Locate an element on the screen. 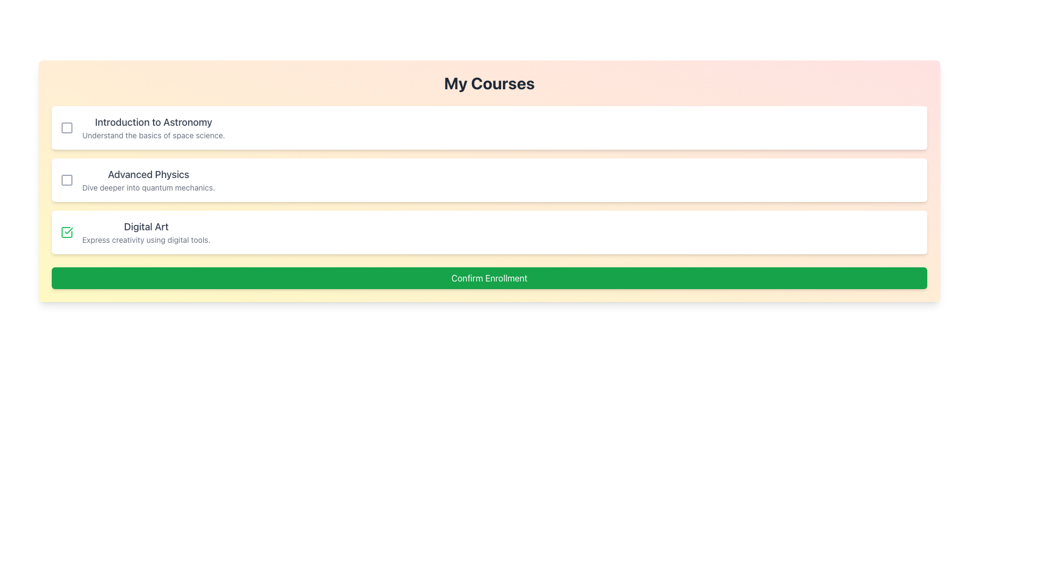 This screenshot has height=588, width=1046. the interactive checkbox positioned next to the title 'Introduction to Astronomy' is located at coordinates (66, 127).